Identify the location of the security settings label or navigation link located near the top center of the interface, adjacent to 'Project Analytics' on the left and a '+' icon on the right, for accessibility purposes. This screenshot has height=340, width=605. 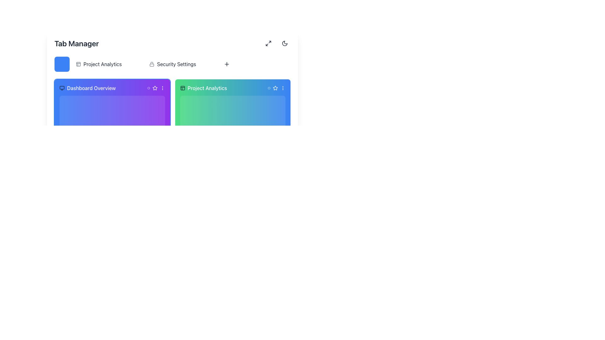
(173, 64).